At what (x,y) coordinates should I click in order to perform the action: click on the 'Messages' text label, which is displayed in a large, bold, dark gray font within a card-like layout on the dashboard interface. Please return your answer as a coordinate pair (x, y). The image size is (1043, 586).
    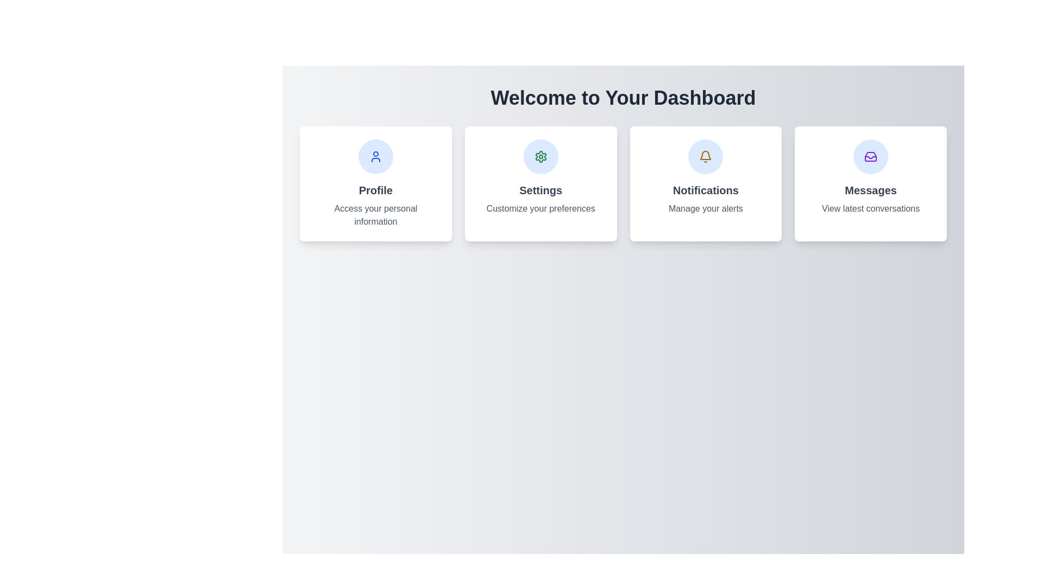
    Looking at the image, I should click on (871, 190).